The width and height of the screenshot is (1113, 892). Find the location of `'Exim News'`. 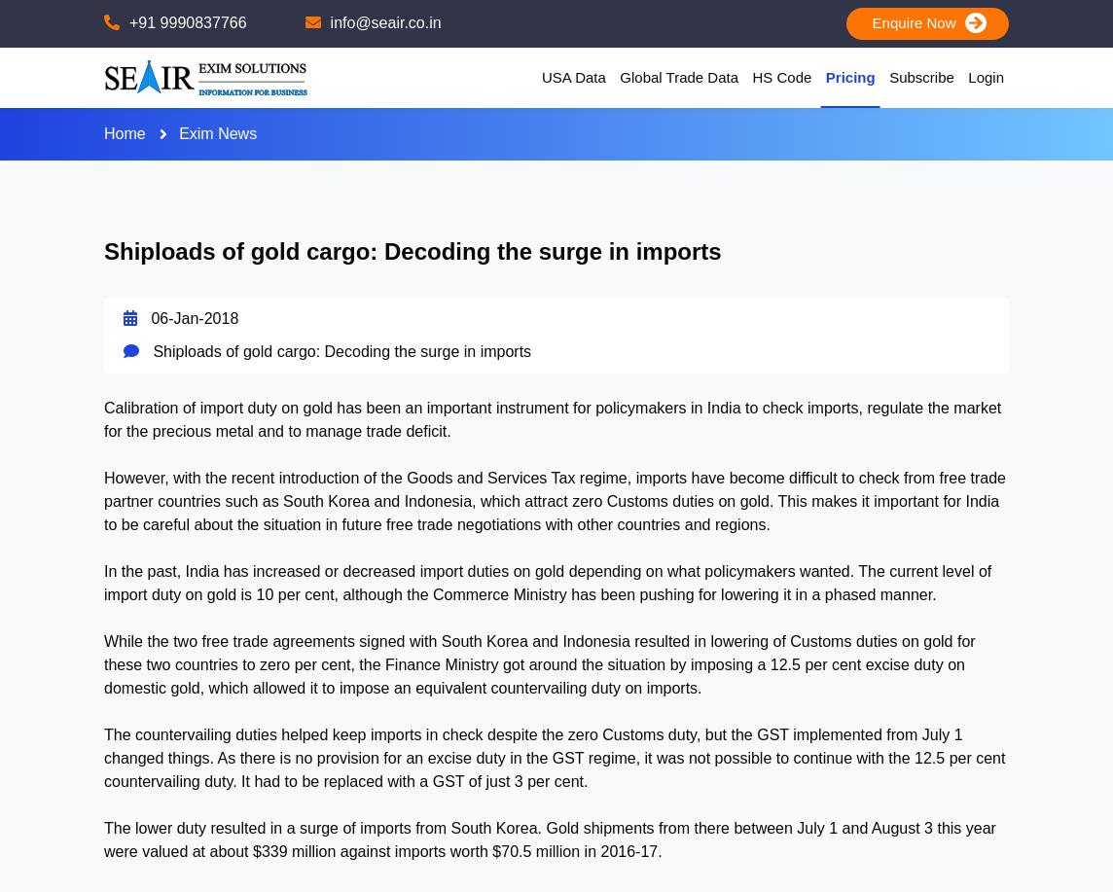

'Exim News' is located at coordinates (216, 133).